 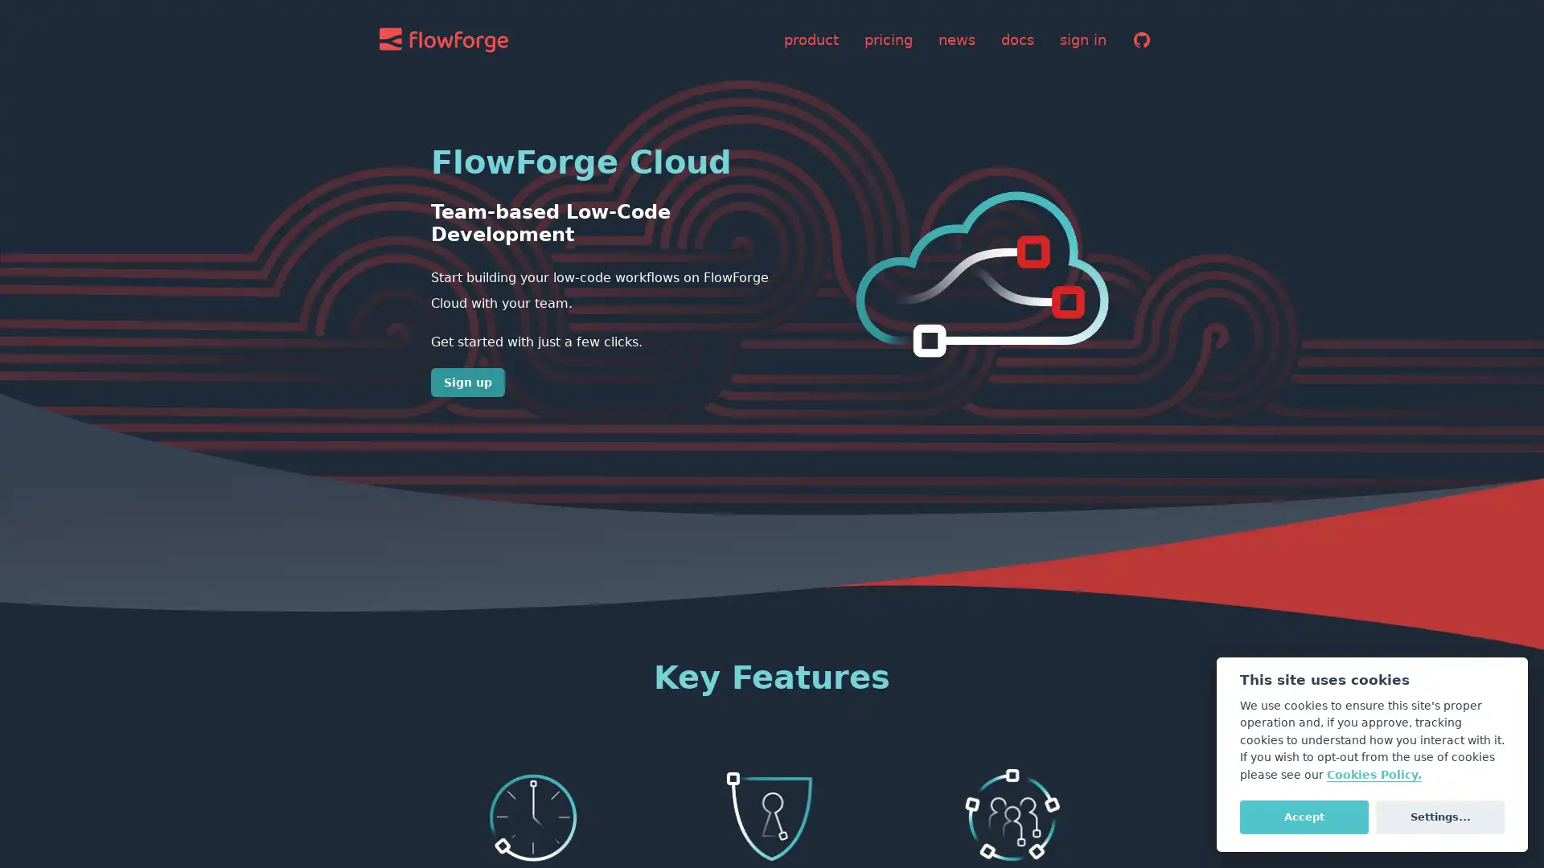 I want to click on Settings..., so click(x=1439, y=816).